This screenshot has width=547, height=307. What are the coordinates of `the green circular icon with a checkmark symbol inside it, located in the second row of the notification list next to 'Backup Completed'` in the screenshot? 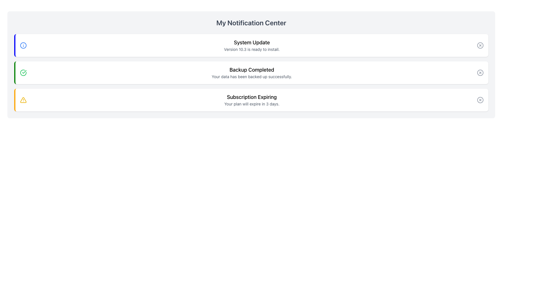 It's located at (23, 72).